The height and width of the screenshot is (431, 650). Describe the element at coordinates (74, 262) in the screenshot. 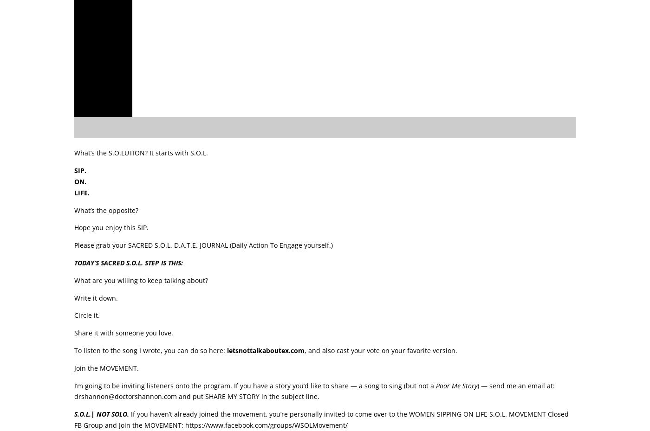

I see `'TODAY’S SACRED S.O.L. STEP IS THIS:'` at that location.